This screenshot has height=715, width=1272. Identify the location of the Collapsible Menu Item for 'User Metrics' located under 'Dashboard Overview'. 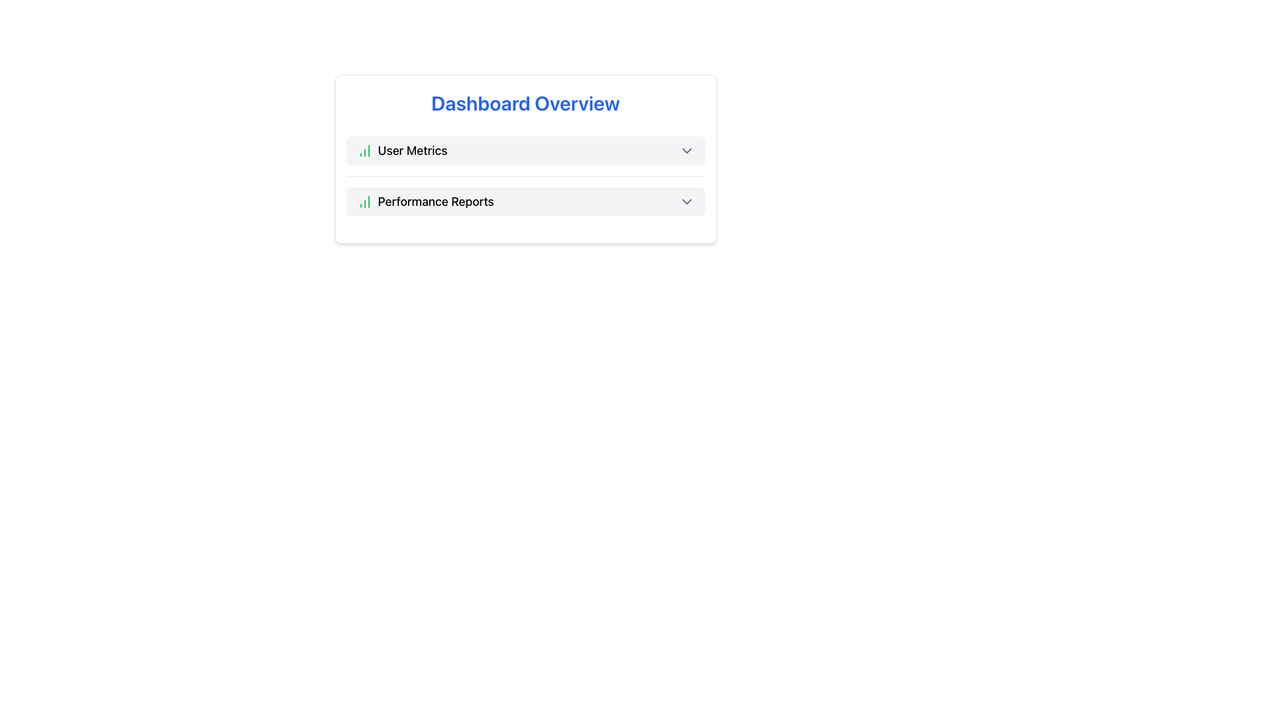
(525, 150).